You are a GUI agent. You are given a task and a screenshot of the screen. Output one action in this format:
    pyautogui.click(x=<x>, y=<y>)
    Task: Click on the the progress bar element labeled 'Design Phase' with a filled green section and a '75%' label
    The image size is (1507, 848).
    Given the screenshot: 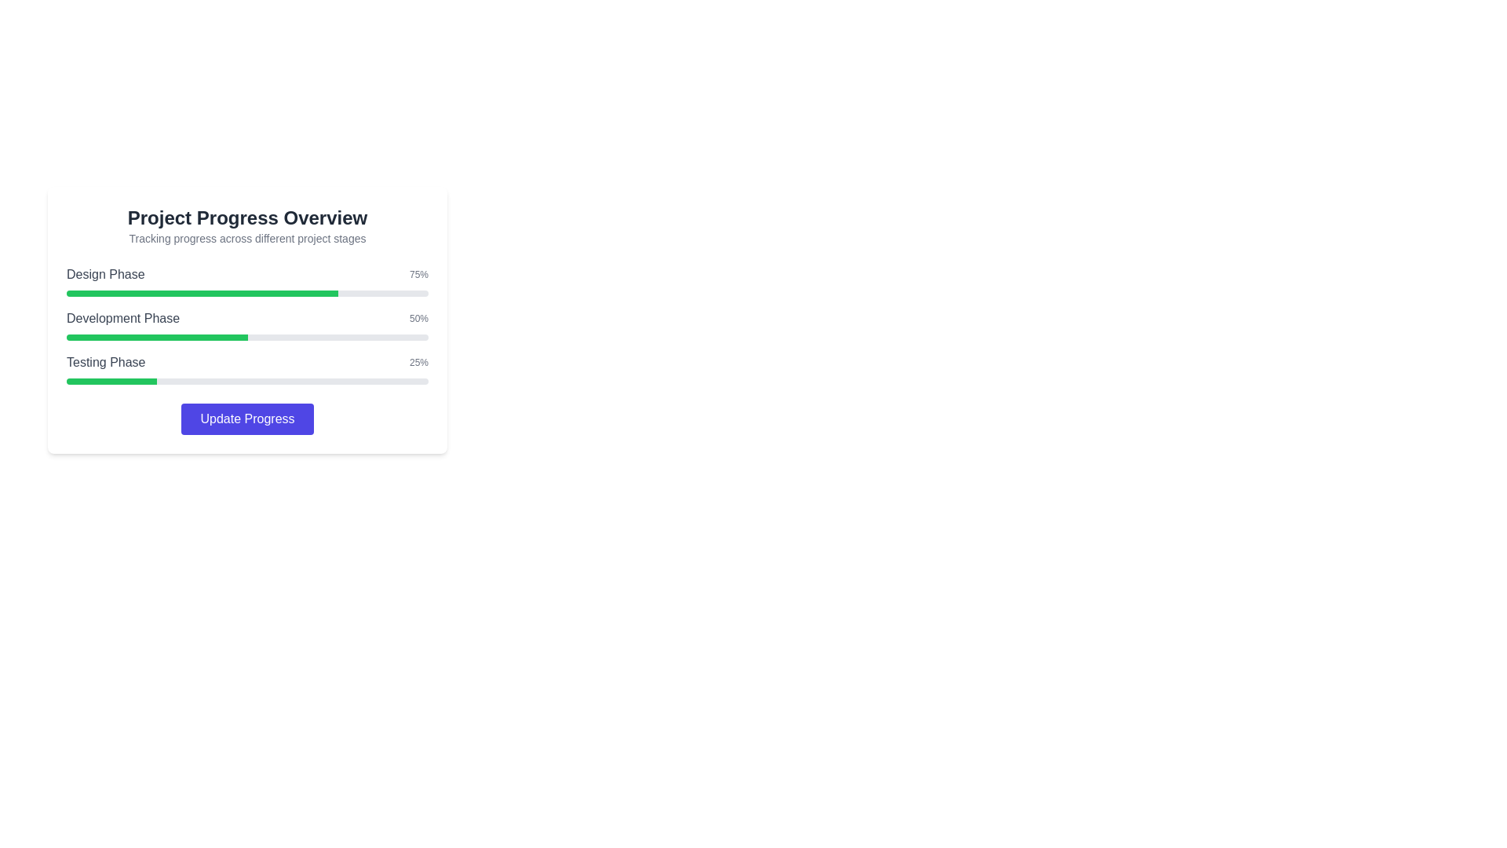 What is the action you would take?
    pyautogui.click(x=246, y=294)
    